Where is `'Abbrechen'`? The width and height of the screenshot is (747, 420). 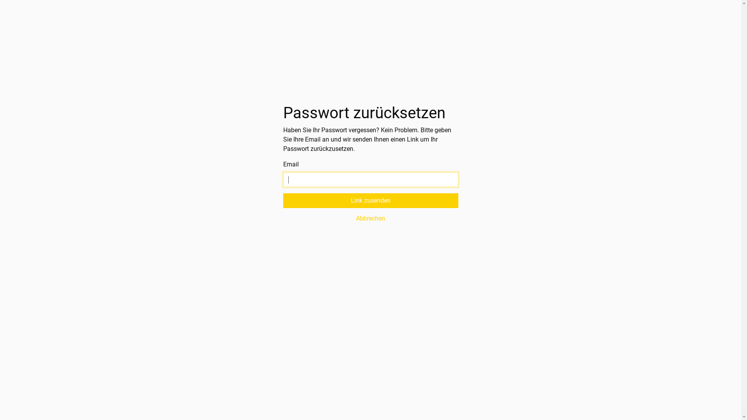 'Abbrechen' is located at coordinates (283, 219).